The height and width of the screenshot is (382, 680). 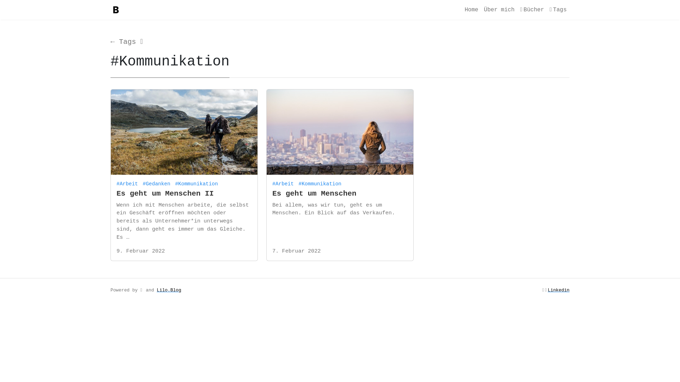 What do you see at coordinates (321, 182) in the screenshot?
I see `'#Kommunikation'` at bounding box center [321, 182].